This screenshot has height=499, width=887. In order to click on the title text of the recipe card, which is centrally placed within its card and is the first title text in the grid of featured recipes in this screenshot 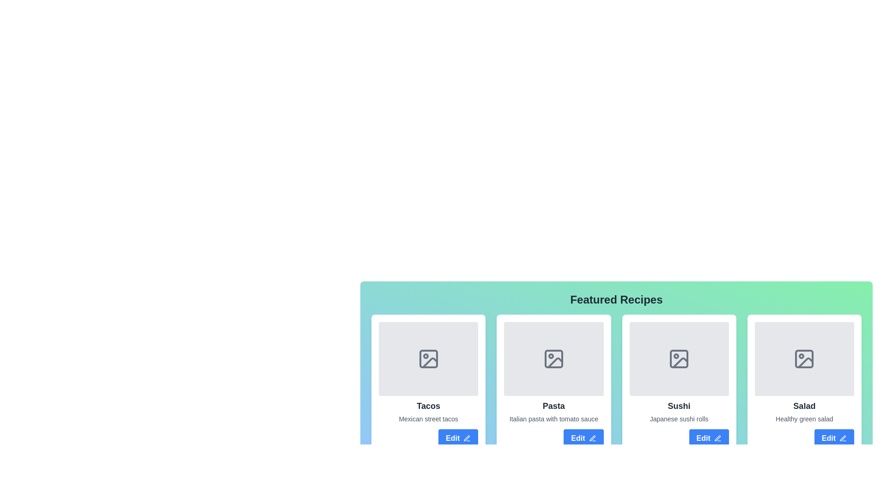, I will do `click(428, 406)`.